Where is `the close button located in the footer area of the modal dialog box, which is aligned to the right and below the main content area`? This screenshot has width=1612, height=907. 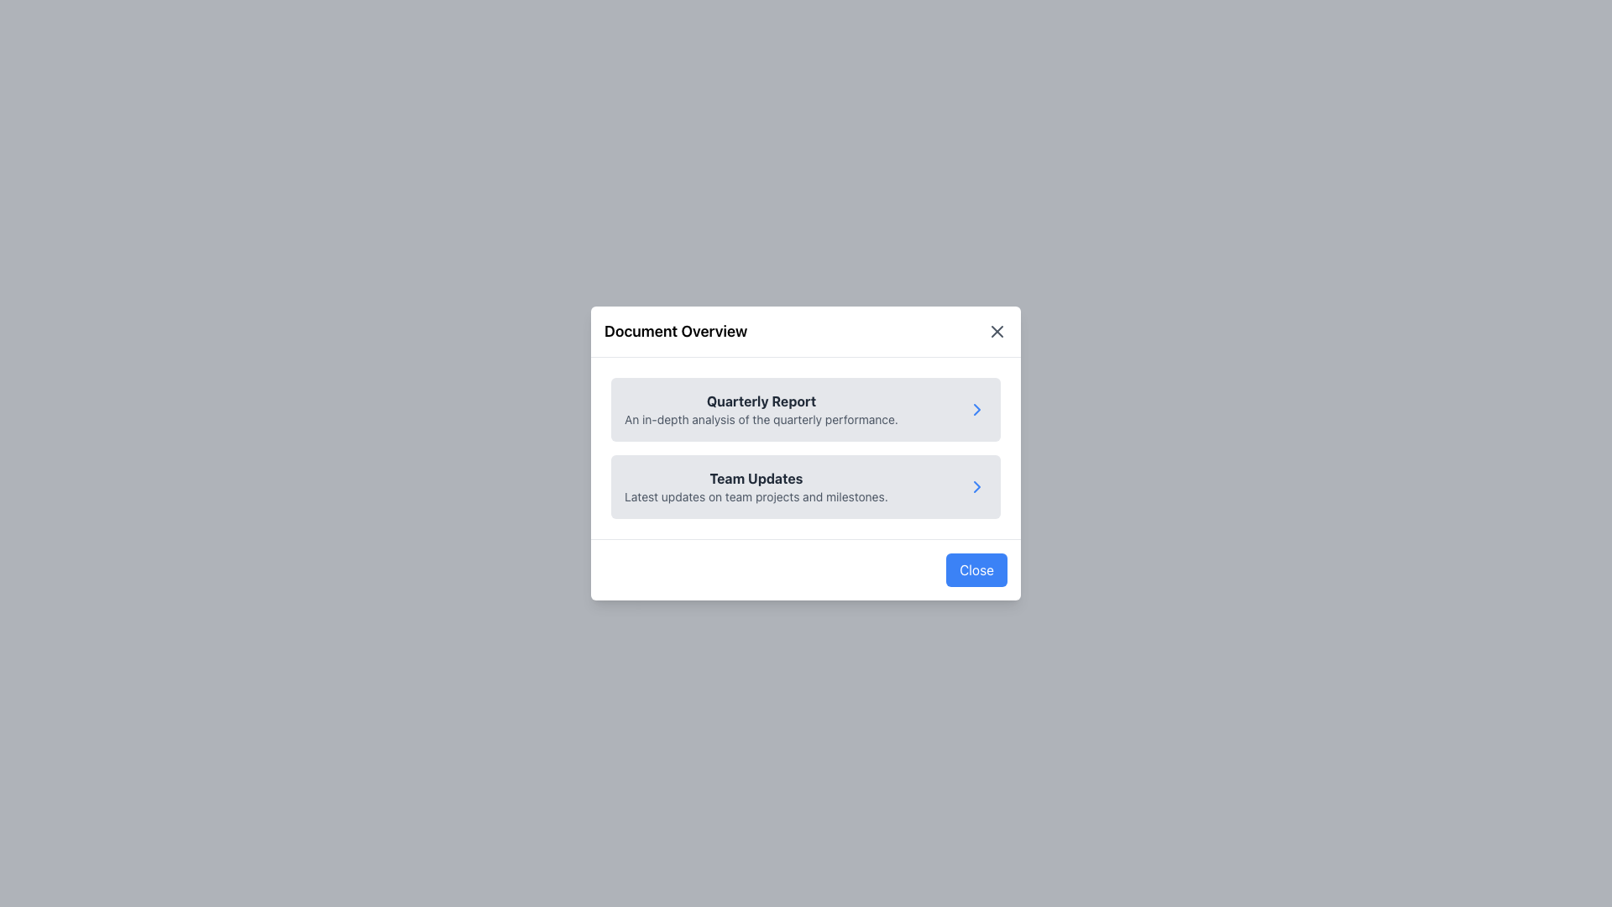 the close button located in the footer area of the modal dialog box, which is aligned to the right and below the main content area is located at coordinates (976, 569).